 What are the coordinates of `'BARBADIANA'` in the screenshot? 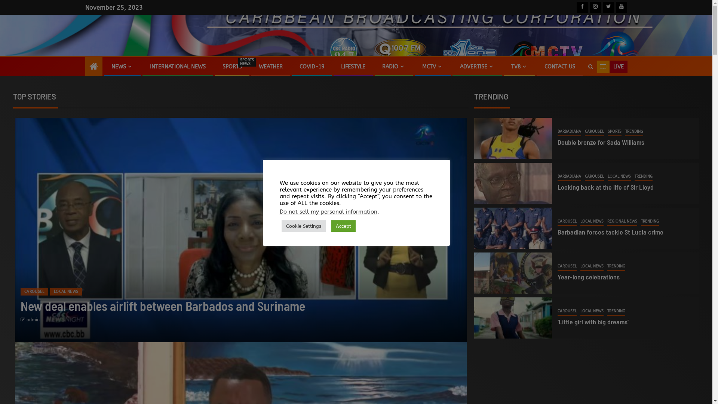 It's located at (569, 177).